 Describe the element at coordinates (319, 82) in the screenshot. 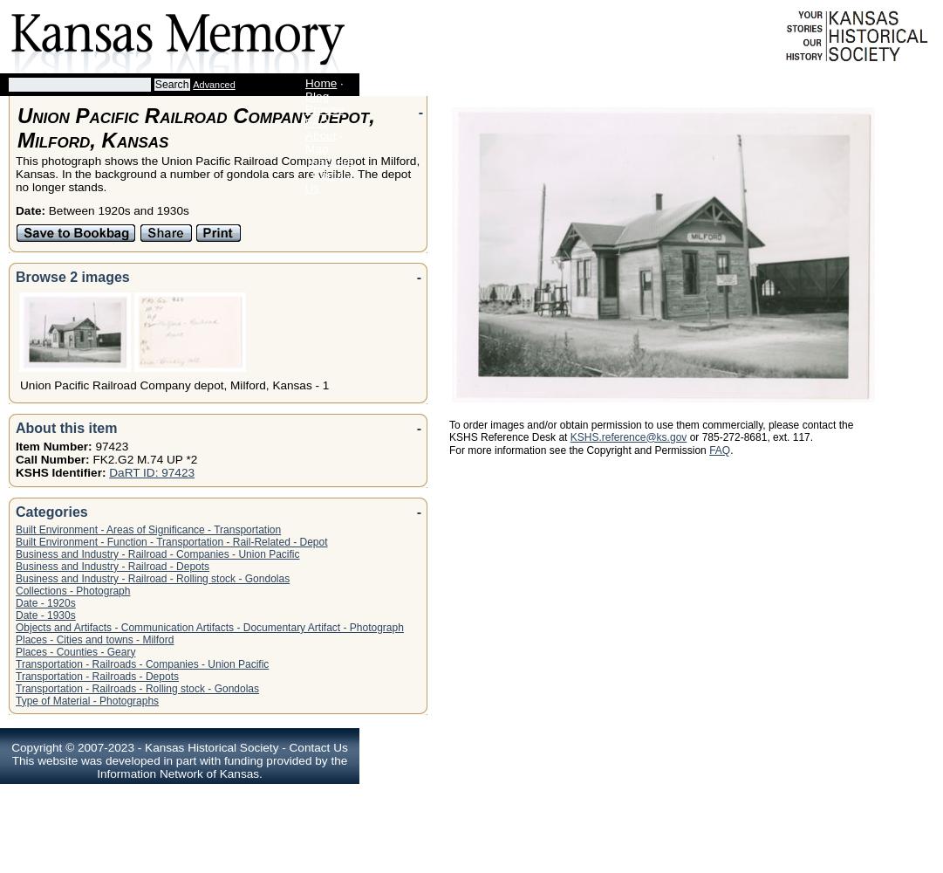

I see `'Home'` at that location.